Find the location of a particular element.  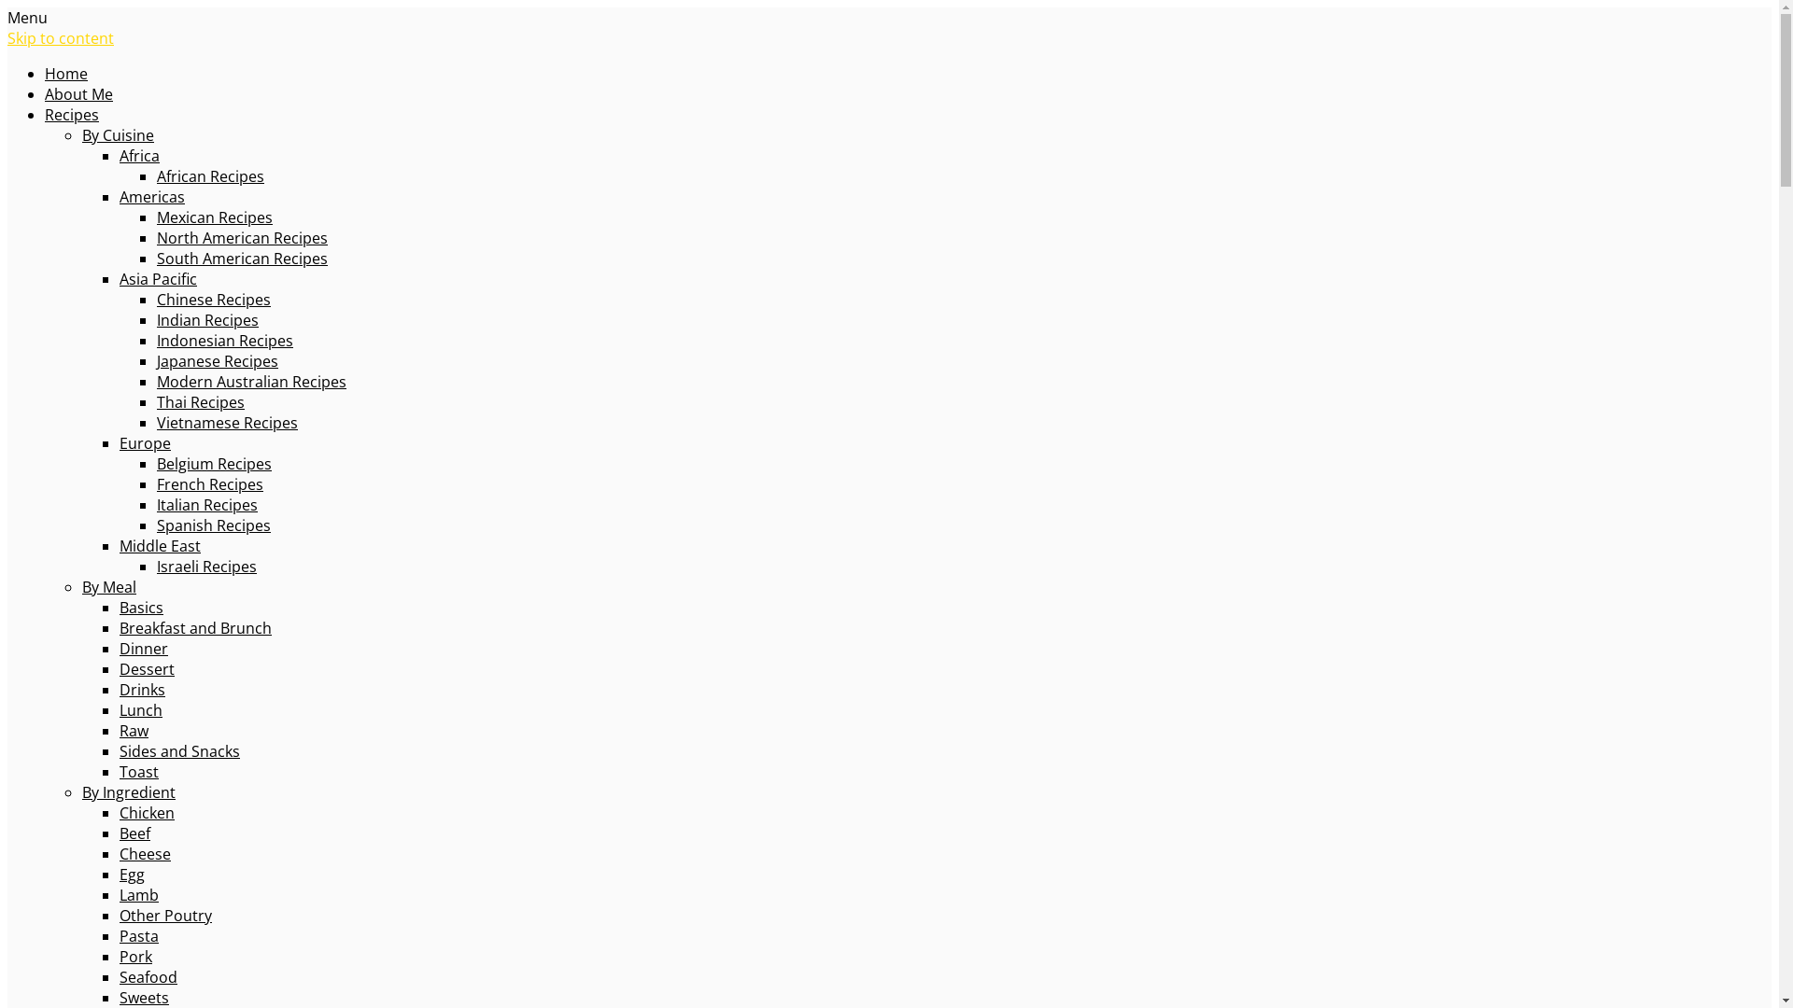

'Indonesian Recipes' is located at coordinates (224, 341).